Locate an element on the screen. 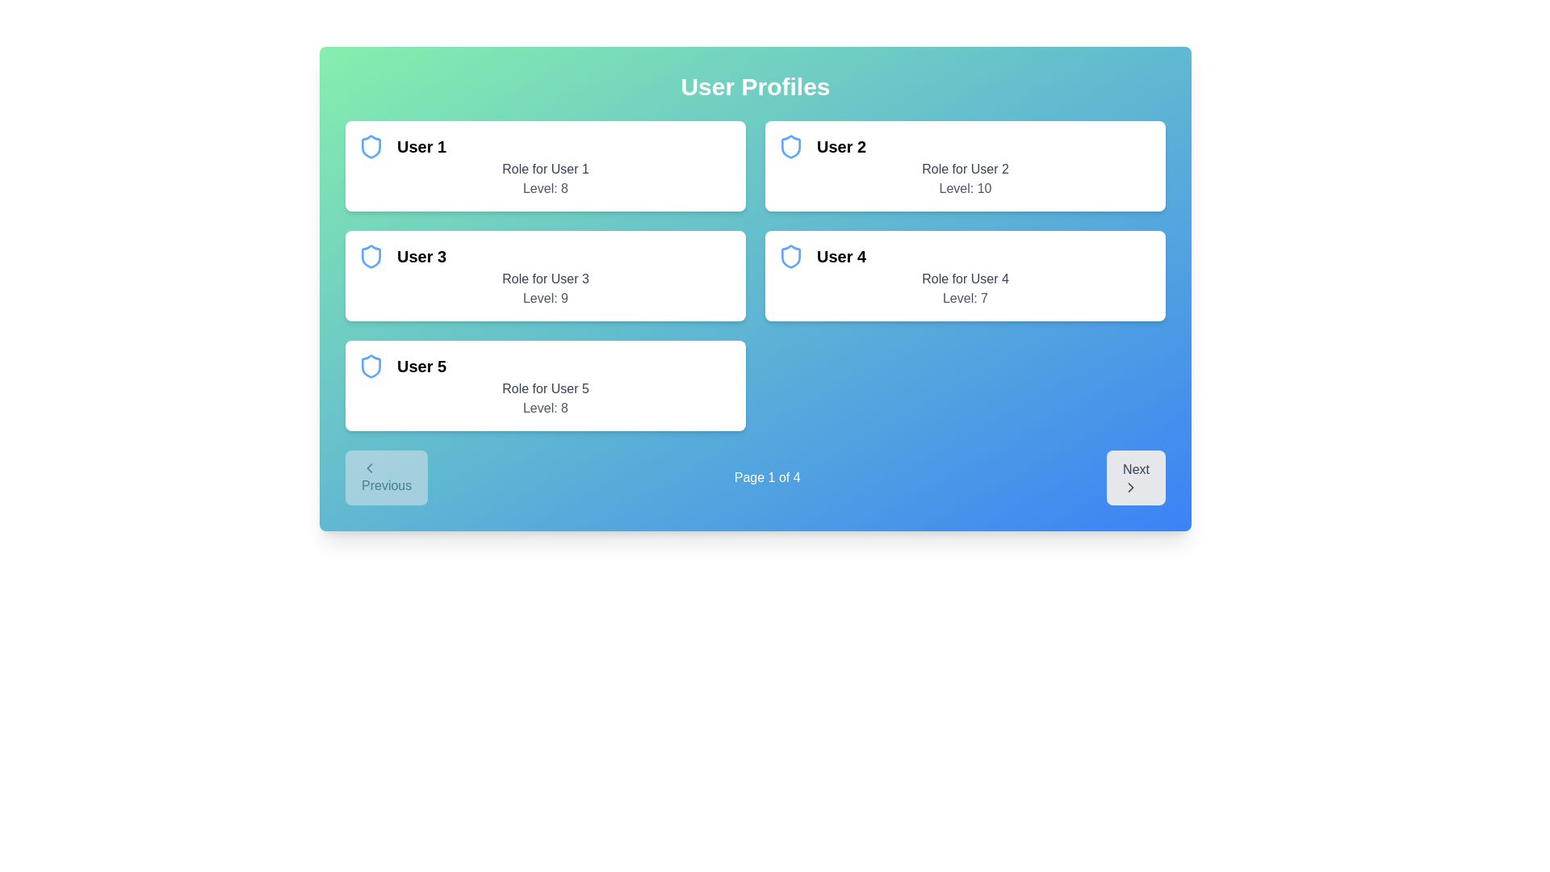  the Chevron icon located inside the 'Next' button at the bottom-right corner of the interface is located at coordinates (1130, 487).